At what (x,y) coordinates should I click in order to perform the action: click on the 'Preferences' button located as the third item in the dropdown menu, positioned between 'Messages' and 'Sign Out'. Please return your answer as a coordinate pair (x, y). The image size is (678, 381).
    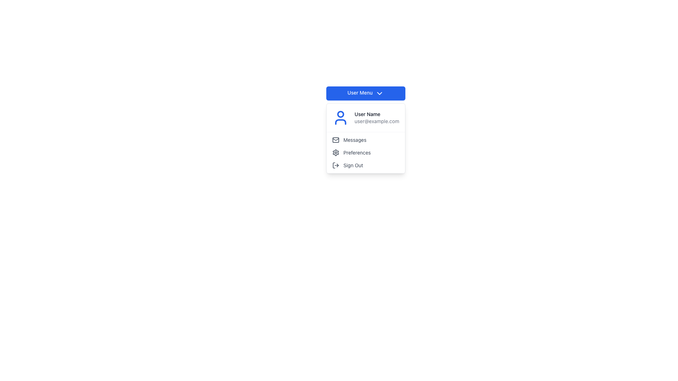
    Looking at the image, I should click on (365, 152).